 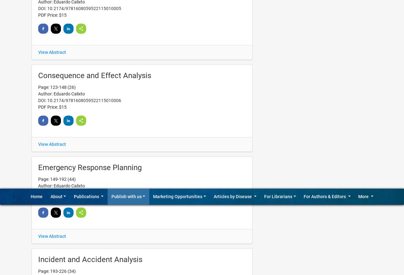 What do you see at coordinates (349, 81) in the screenshot?
I see `'Privacy Policy'` at bounding box center [349, 81].